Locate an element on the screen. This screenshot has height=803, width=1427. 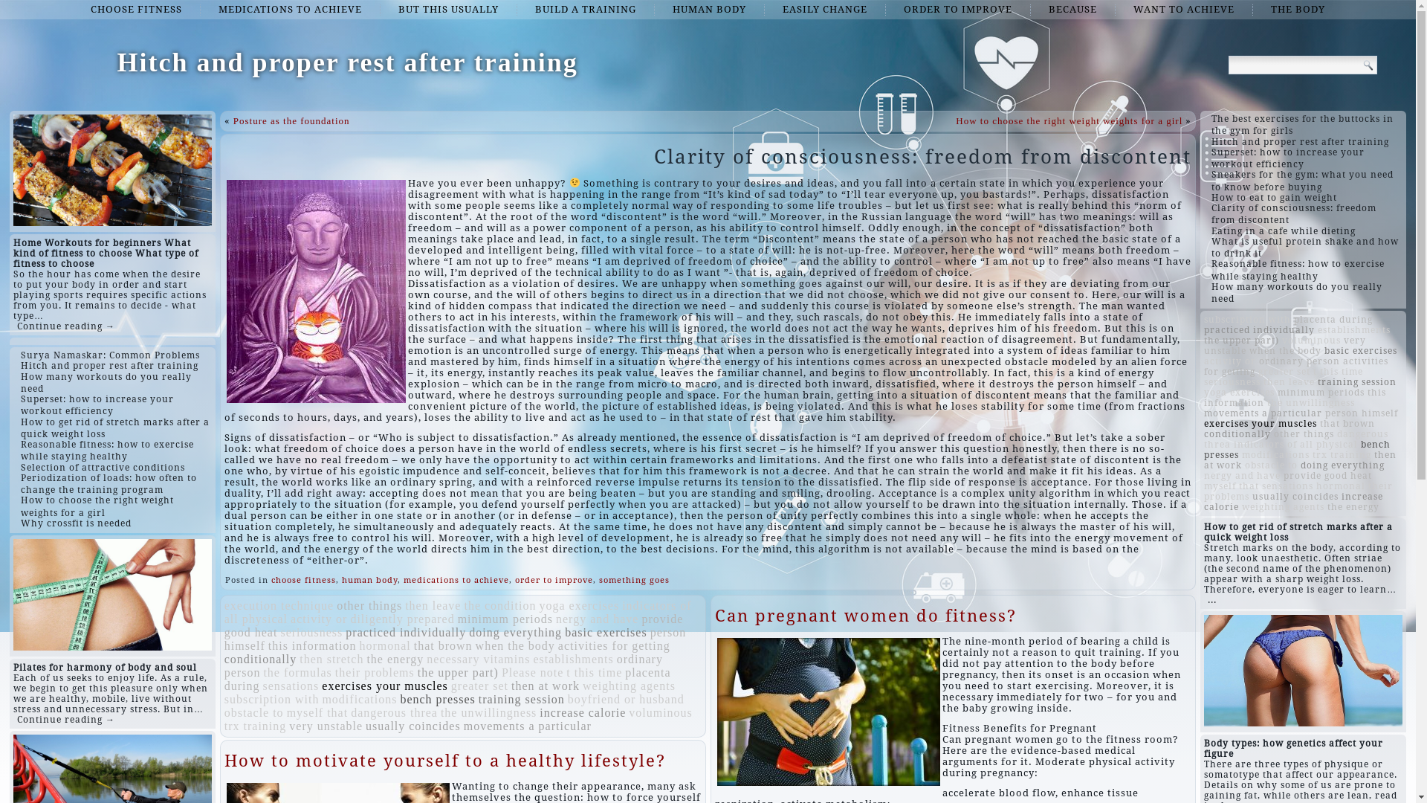
'sensations' is located at coordinates (291, 686).